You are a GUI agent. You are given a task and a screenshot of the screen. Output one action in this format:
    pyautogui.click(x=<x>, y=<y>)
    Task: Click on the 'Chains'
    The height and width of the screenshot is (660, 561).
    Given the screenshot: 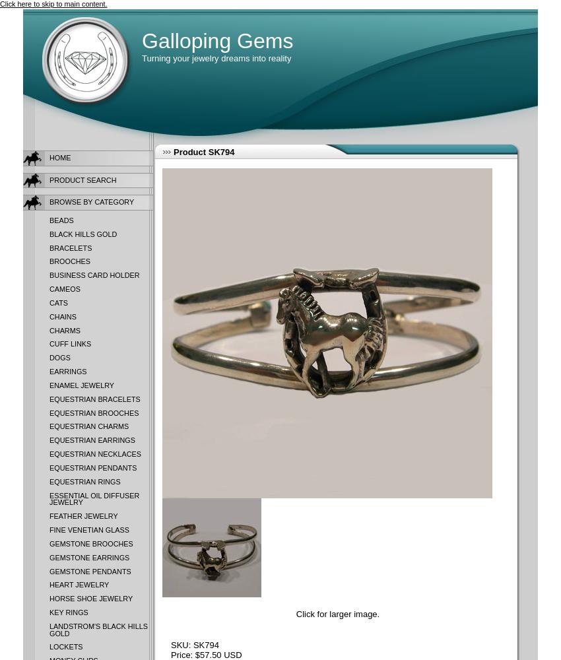 What is the action you would take?
    pyautogui.click(x=62, y=315)
    